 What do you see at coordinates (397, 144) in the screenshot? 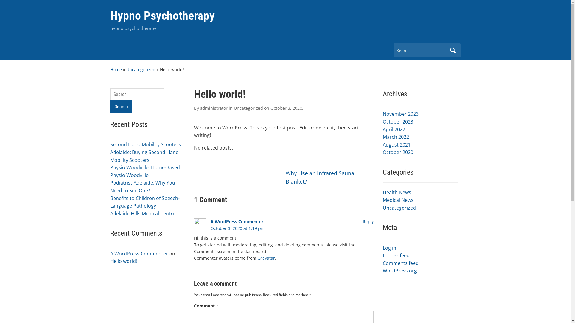
I see `'August 2021'` at bounding box center [397, 144].